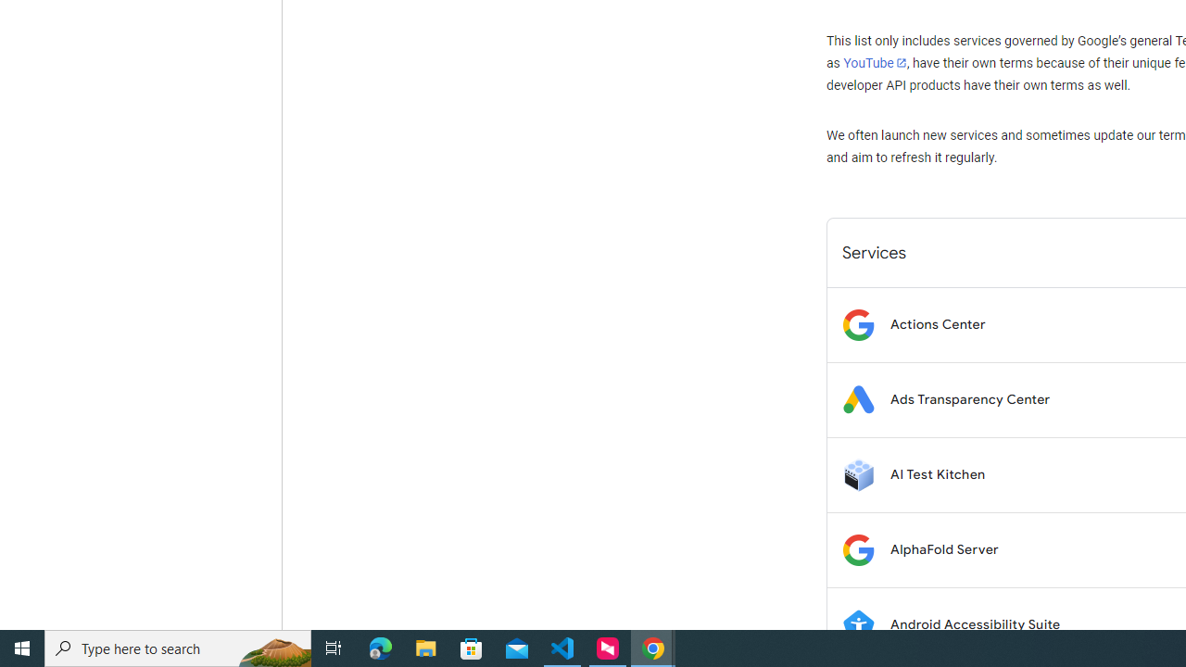  What do you see at coordinates (857, 624) in the screenshot?
I see `'Logo for Android Accessibility Suite'` at bounding box center [857, 624].